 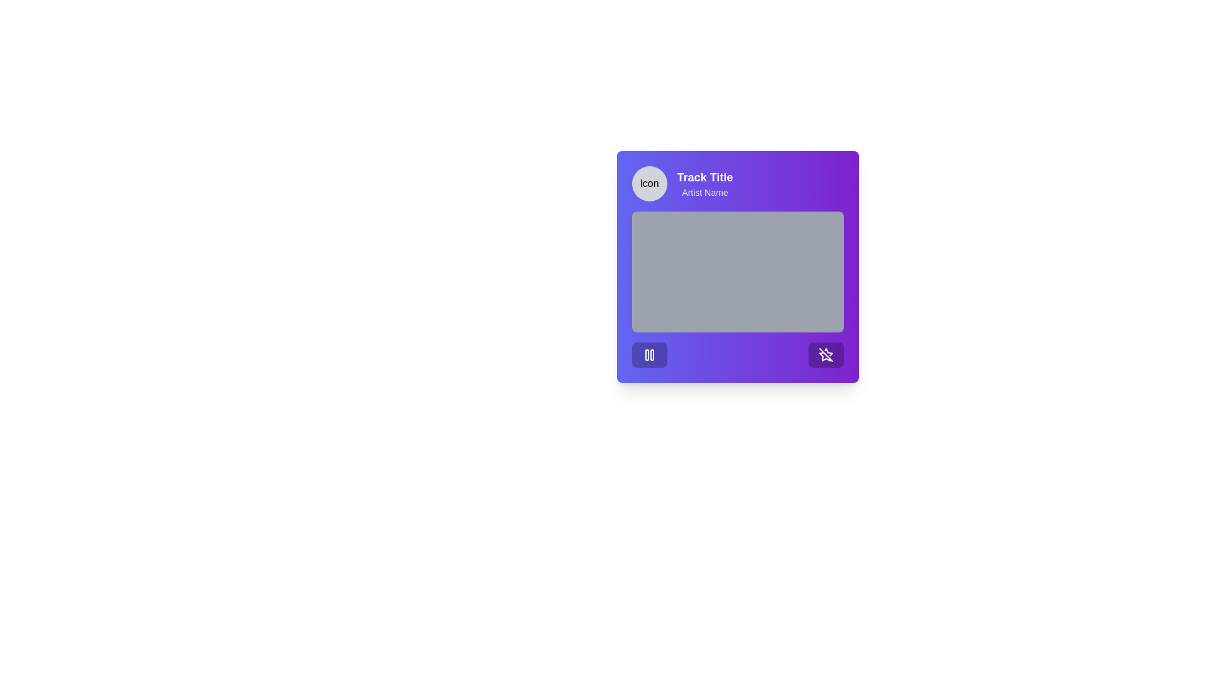 What do you see at coordinates (826, 354) in the screenshot?
I see `the diagonal line within the star icon, which is styled with a purple background and located in the lower-right corner of the card interface` at bounding box center [826, 354].